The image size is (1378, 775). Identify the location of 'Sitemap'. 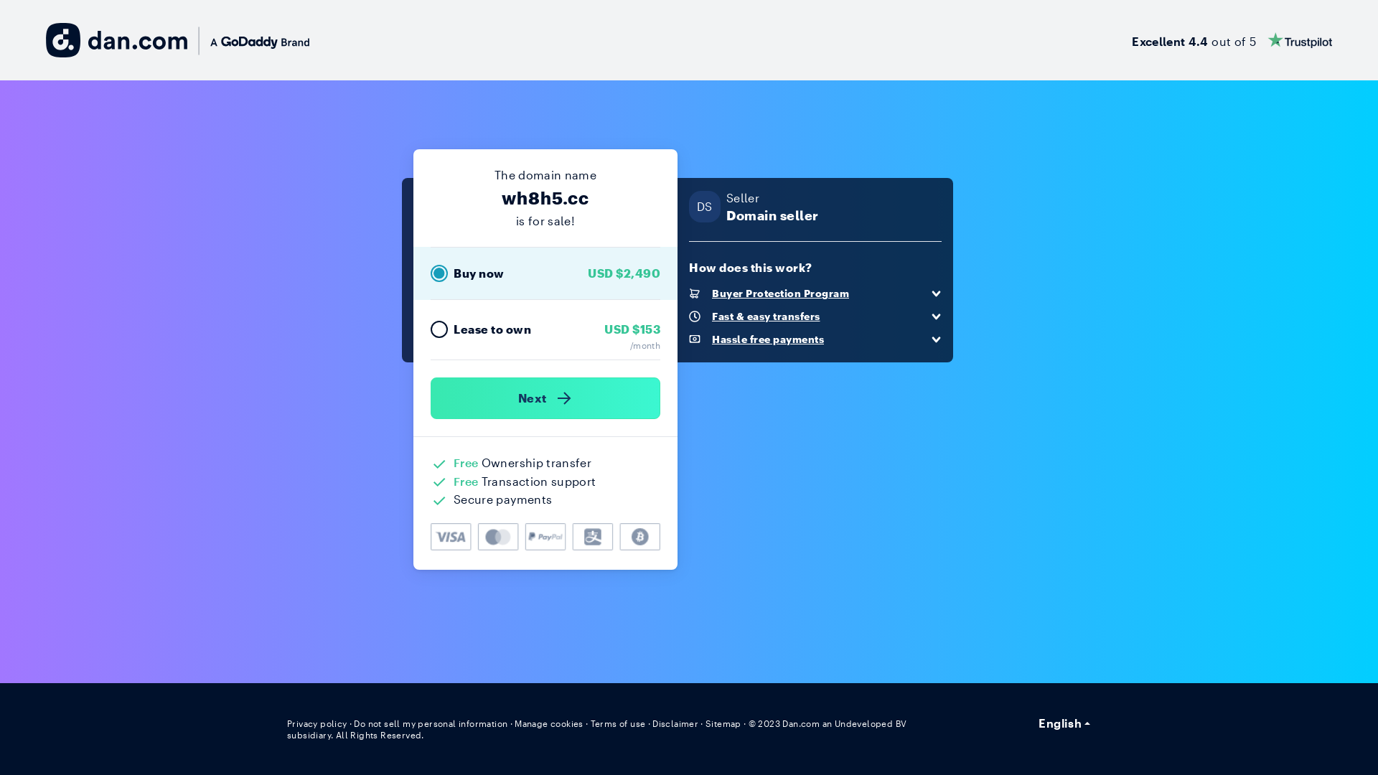
(723, 723).